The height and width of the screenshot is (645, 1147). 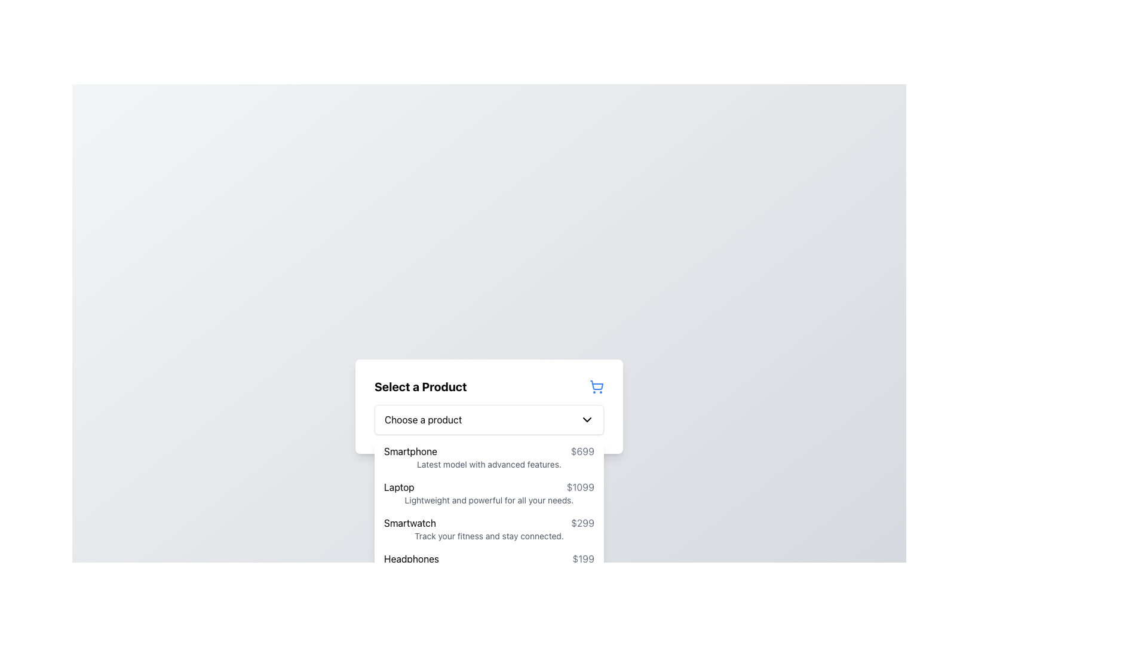 What do you see at coordinates (489, 493) in the screenshot?
I see `the second item in the product selection dropdown labeled 'Laptop'` at bounding box center [489, 493].